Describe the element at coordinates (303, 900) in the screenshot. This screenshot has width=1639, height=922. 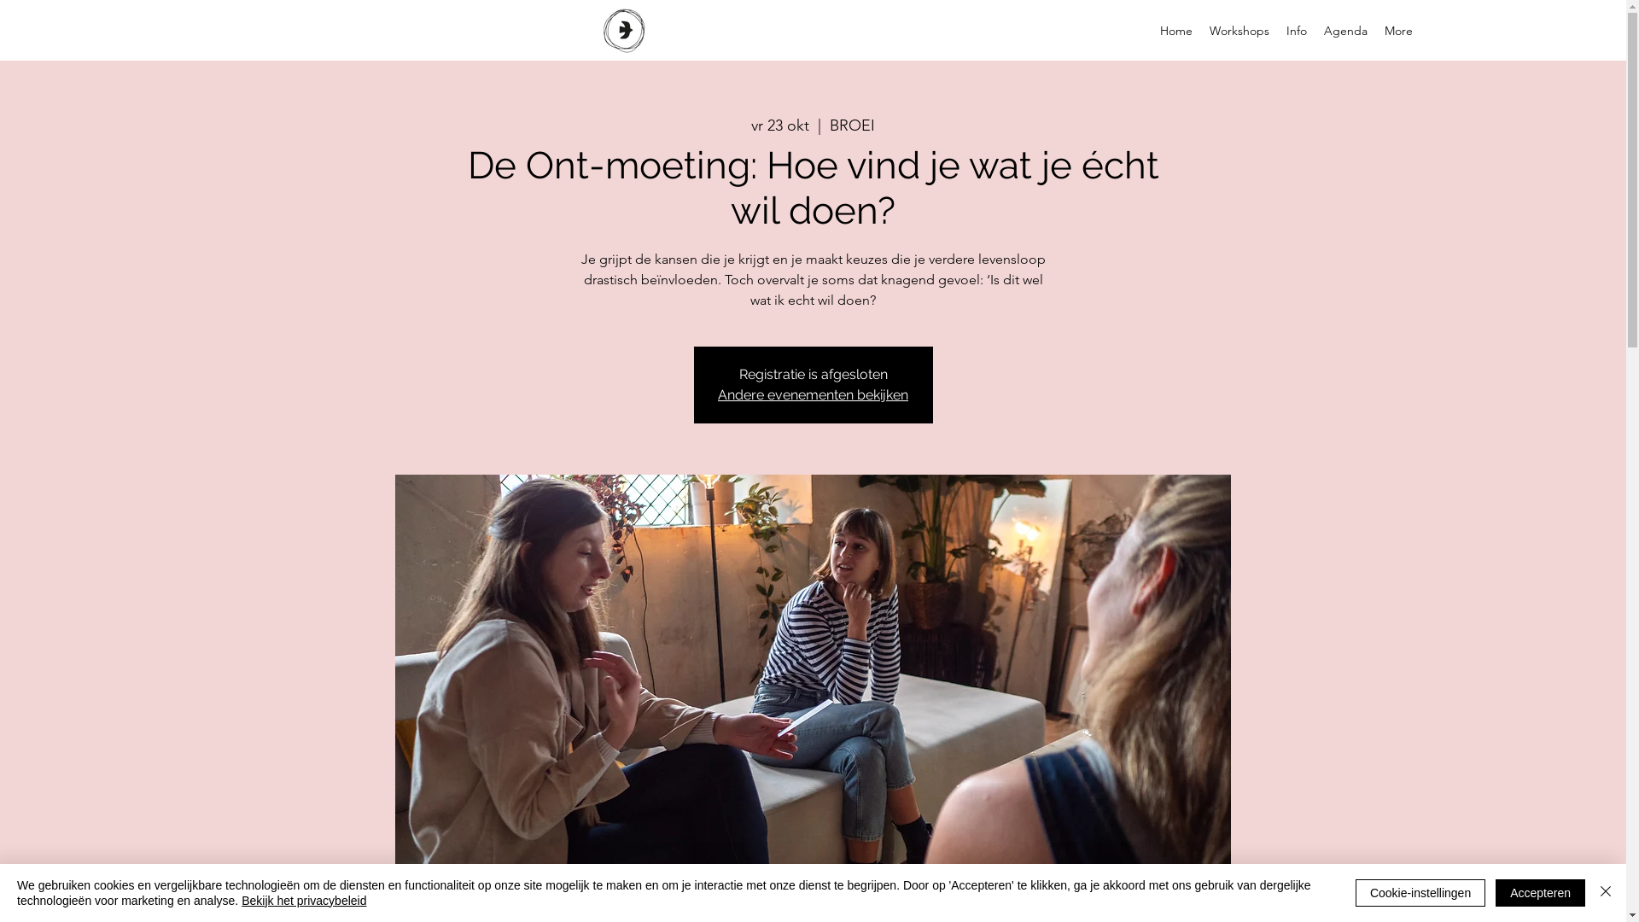
I see `'Bekijk het privacybeleid'` at that location.